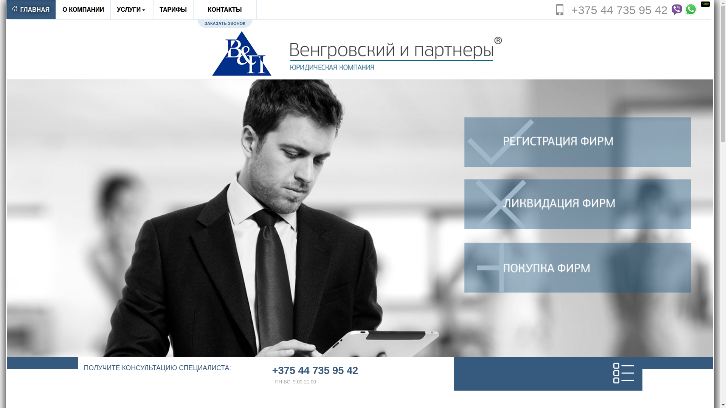 The width and height of the screenshot is (726, 408). Describe the element at coordinates (691, 9) in the screenshot. I see `'Whatsapp'` at that location.